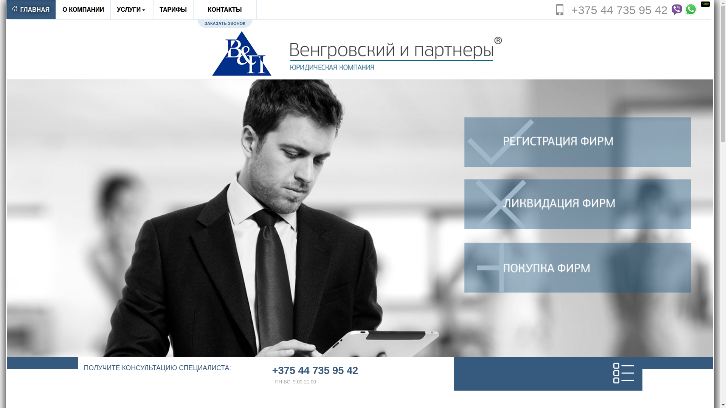 The width and height of the screenshot is (726, 408). Describe the element at coordinates (691, 9) in the screenshot. I see `'Whatsapp'` at that location.